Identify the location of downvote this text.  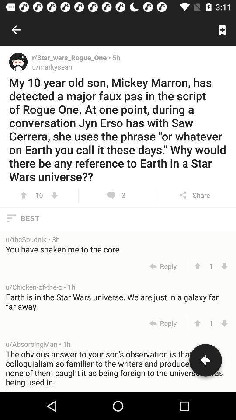
(224, 323).